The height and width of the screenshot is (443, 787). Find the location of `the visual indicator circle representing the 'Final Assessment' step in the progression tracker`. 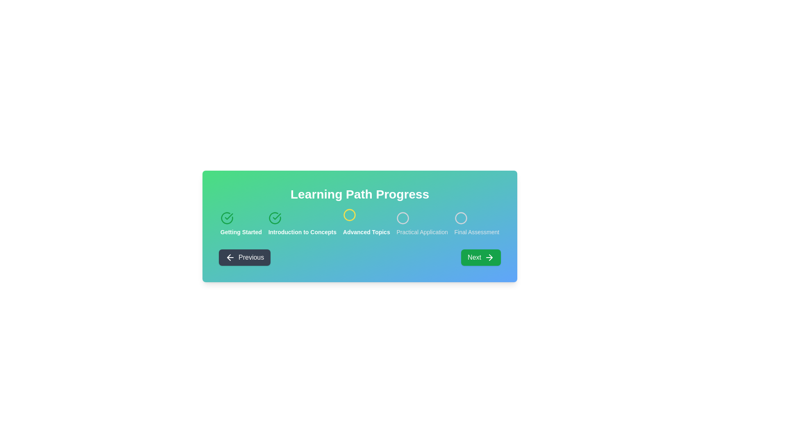

the visual indicator circle representing the 'Final Assessment' step in the progression tracker is located at coordinates (461, 218).